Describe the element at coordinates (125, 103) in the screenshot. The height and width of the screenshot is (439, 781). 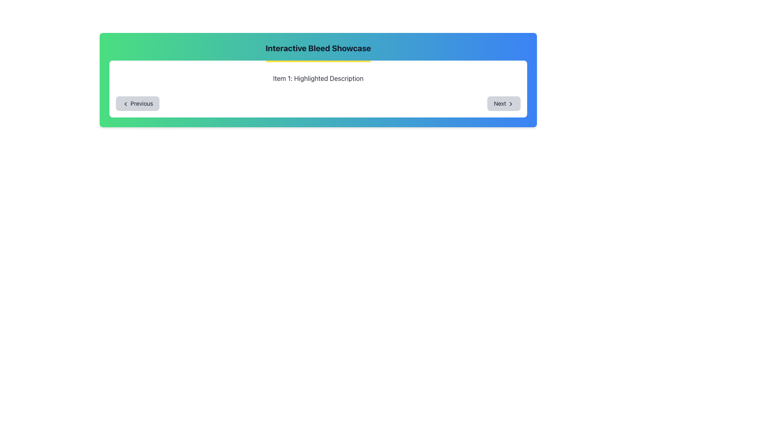
I see `the 'Previous' icon in the navigational interface` at that location.